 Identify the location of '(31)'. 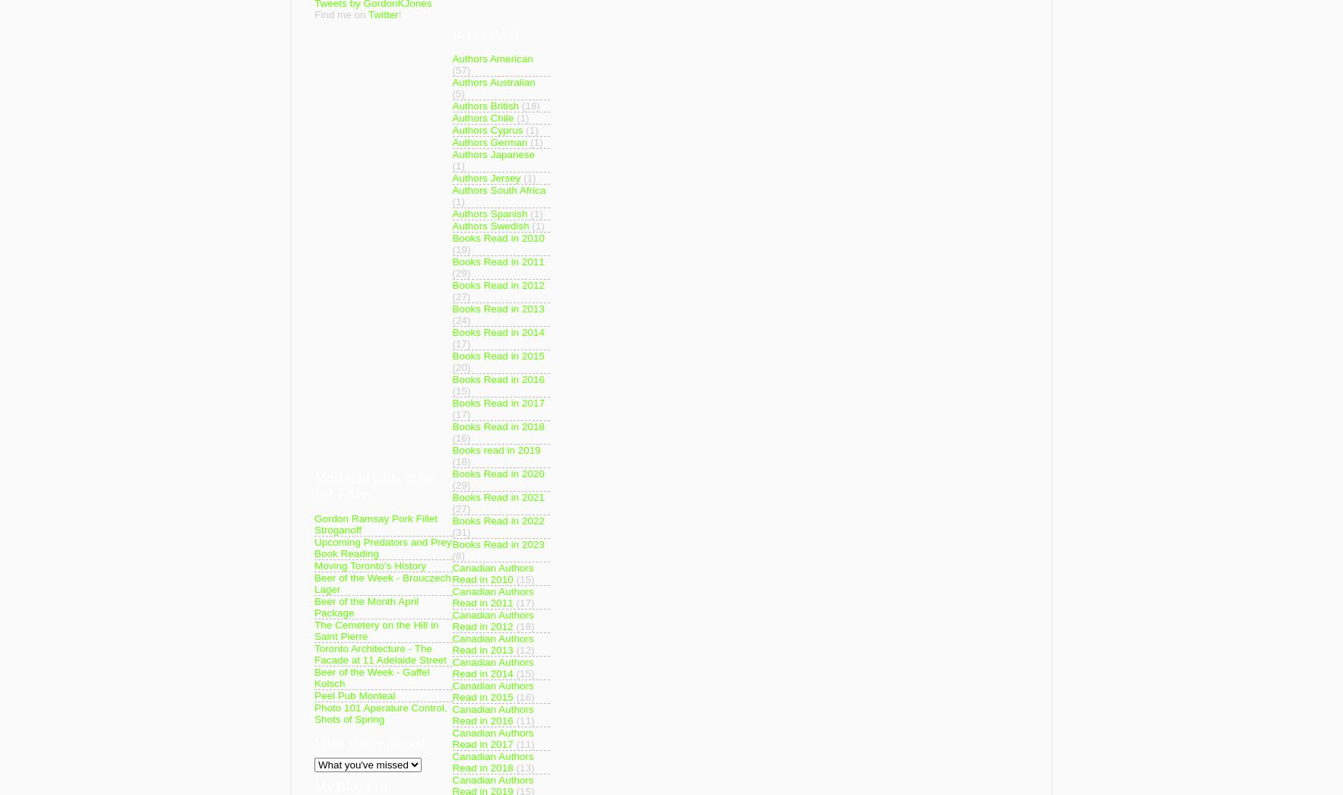
(460, 532).